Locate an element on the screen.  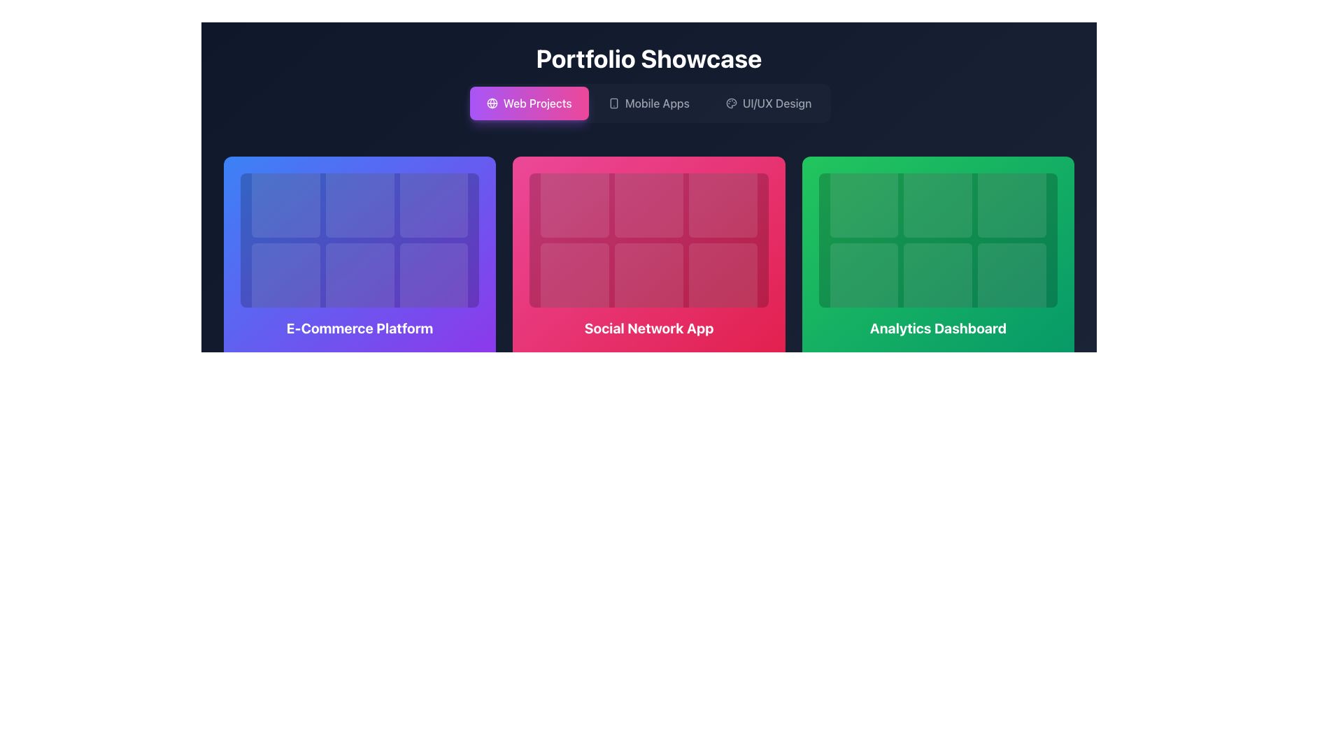
the top-center visual tile in the grid of items within the card labeled 'E-Commerce Platform' is located at coordinates (433, 203).